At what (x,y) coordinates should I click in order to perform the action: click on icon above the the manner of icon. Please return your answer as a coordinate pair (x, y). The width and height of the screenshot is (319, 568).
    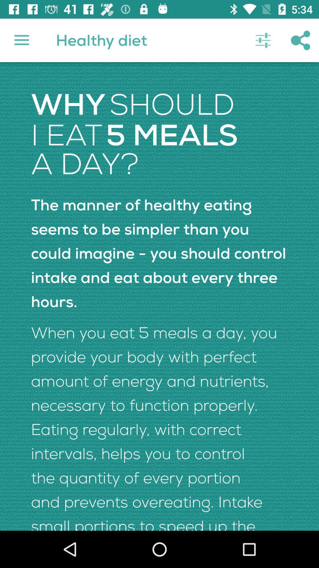
    Looking at the image, I should click on (300, 40).